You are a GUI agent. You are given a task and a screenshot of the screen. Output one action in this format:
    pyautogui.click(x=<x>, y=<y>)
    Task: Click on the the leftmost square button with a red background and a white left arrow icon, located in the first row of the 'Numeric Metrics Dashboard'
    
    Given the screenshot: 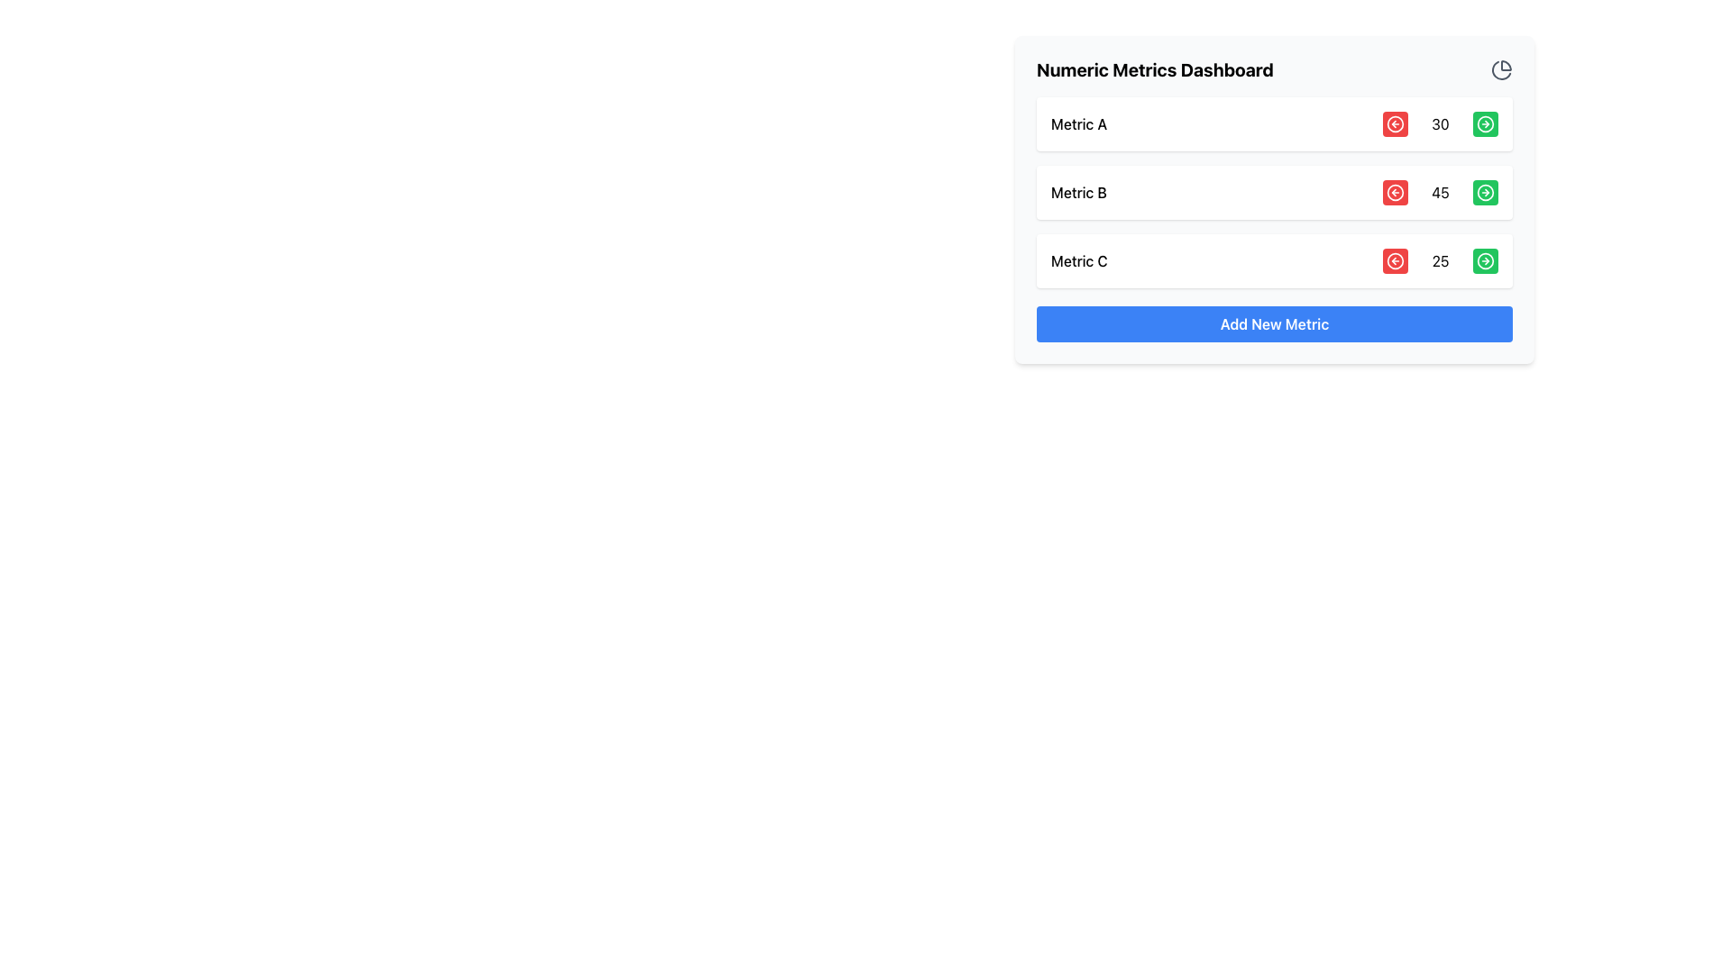 What is the action you would take?
    pyautogui.click(x=1395, y=123)
    